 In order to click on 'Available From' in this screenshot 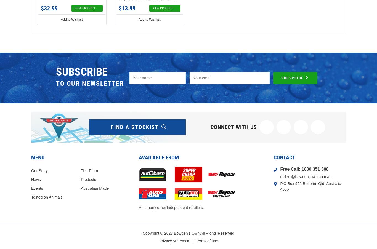, I will do `click(158, 157)`.